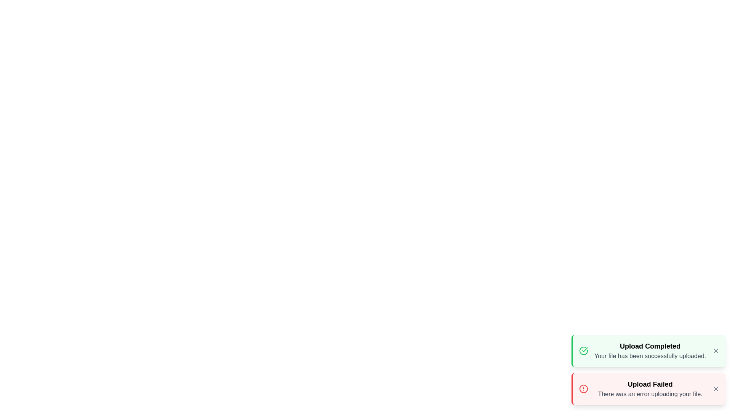  What do you see at coordinates (648, 350) in the screenshot?
I see `the Notification alert box confirming the successful file upload, located in the lower right corner of the interface` at bounding box center [648, 350].